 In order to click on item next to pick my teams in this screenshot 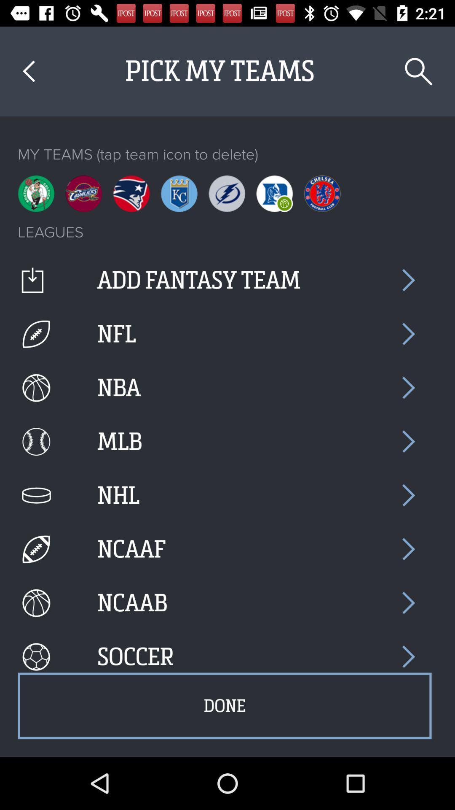, I will do `click(418, 71)`.